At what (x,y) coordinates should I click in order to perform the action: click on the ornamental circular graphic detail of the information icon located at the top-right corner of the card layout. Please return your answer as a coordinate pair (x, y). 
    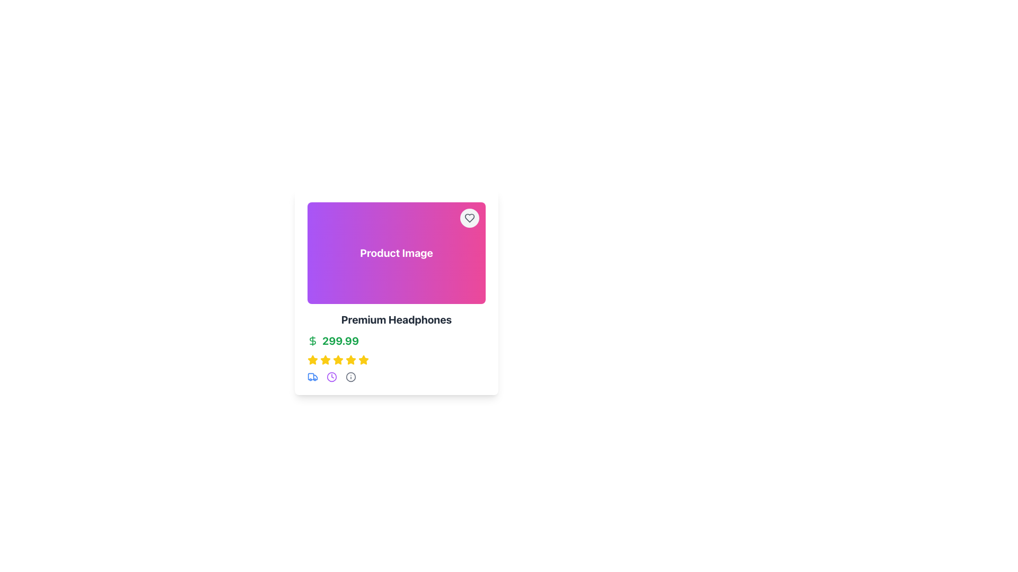
    Looking at the image, I should click on (351, 377).